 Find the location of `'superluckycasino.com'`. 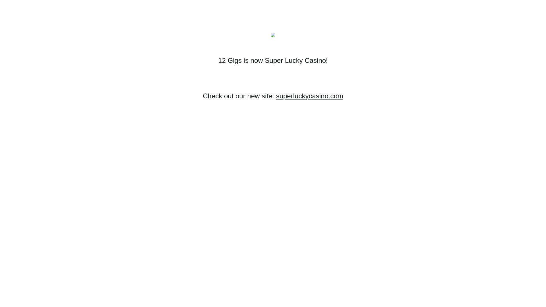

'superluckycasino.com' is located at coordinates (309, 96).